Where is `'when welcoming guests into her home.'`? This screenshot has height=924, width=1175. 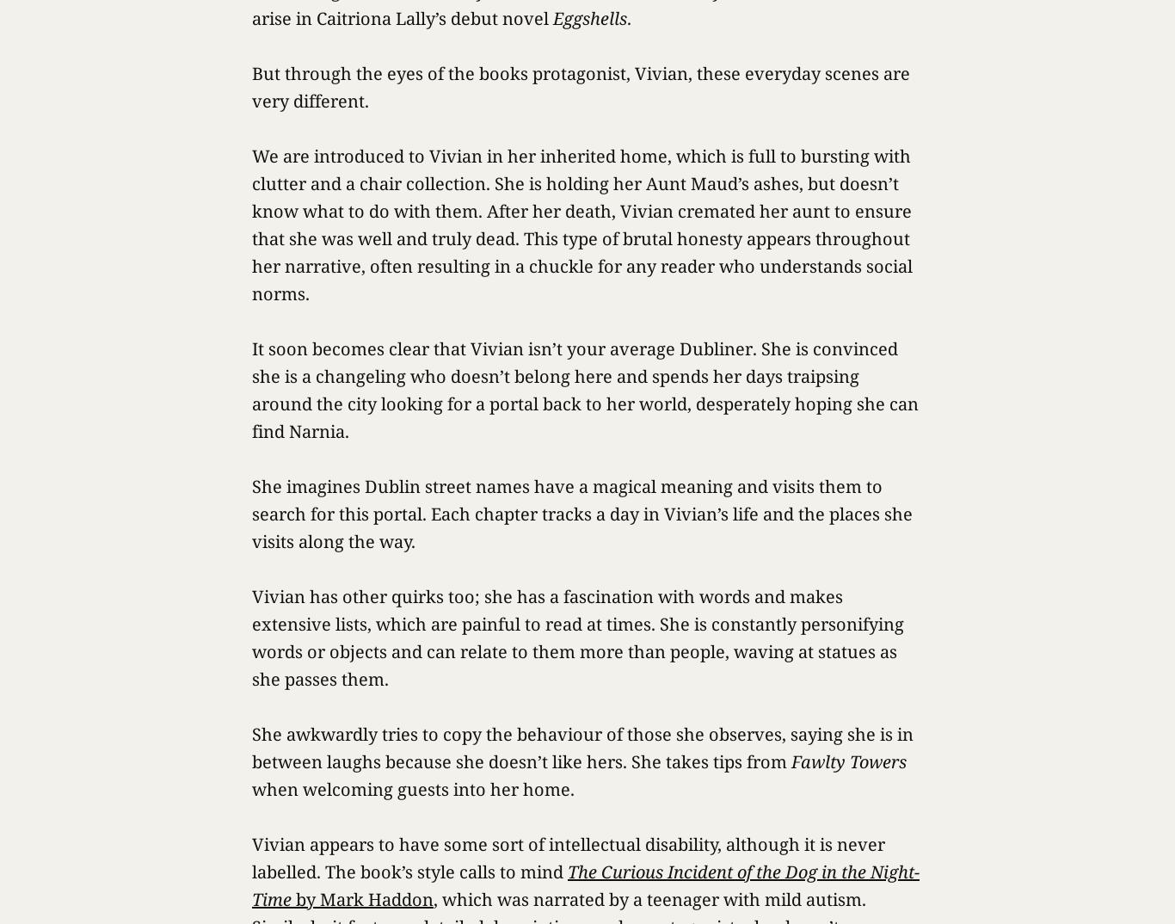
'when welcoming guests into her home.' is located at coordinates (252, 789).